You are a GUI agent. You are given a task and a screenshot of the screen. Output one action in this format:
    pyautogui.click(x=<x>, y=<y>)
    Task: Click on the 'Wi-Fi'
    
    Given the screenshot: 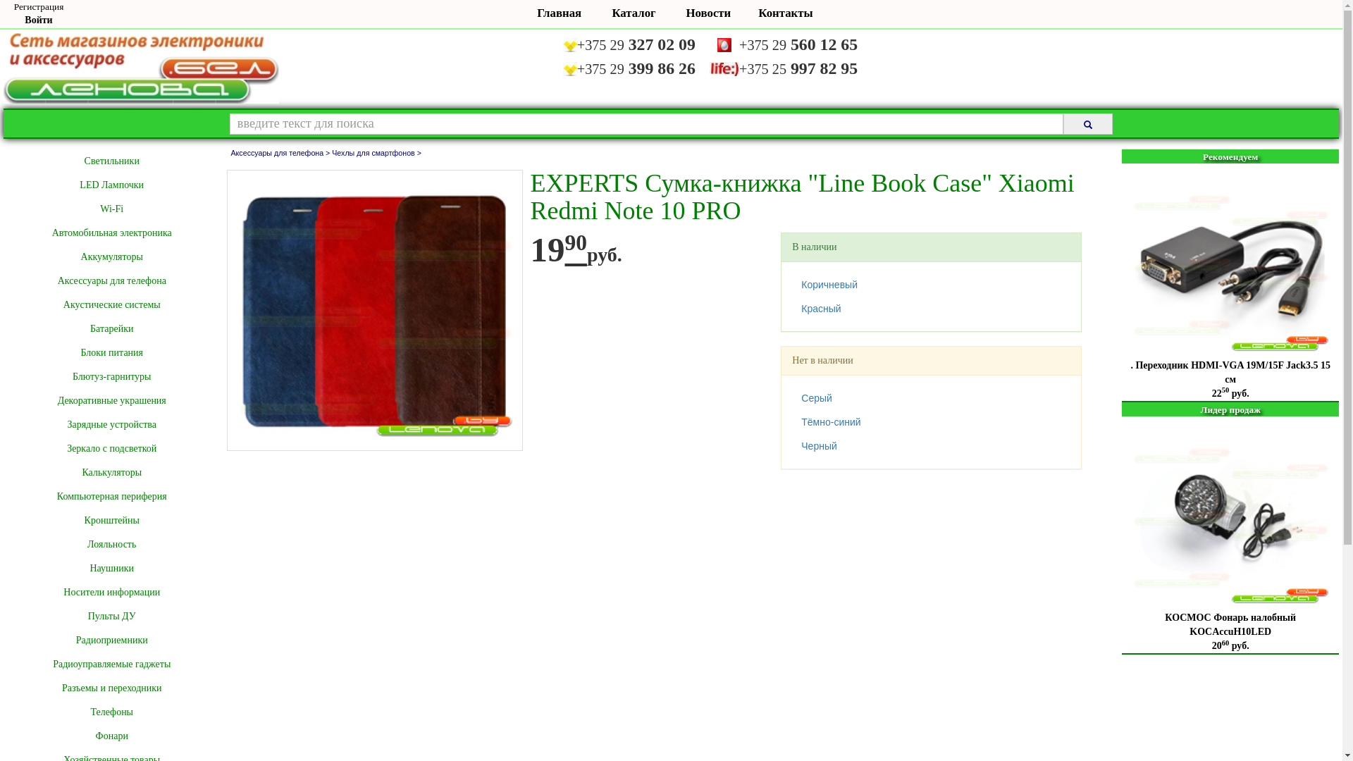 What is the action you would take?
    pyautogui.click(x=111, y=209)
    